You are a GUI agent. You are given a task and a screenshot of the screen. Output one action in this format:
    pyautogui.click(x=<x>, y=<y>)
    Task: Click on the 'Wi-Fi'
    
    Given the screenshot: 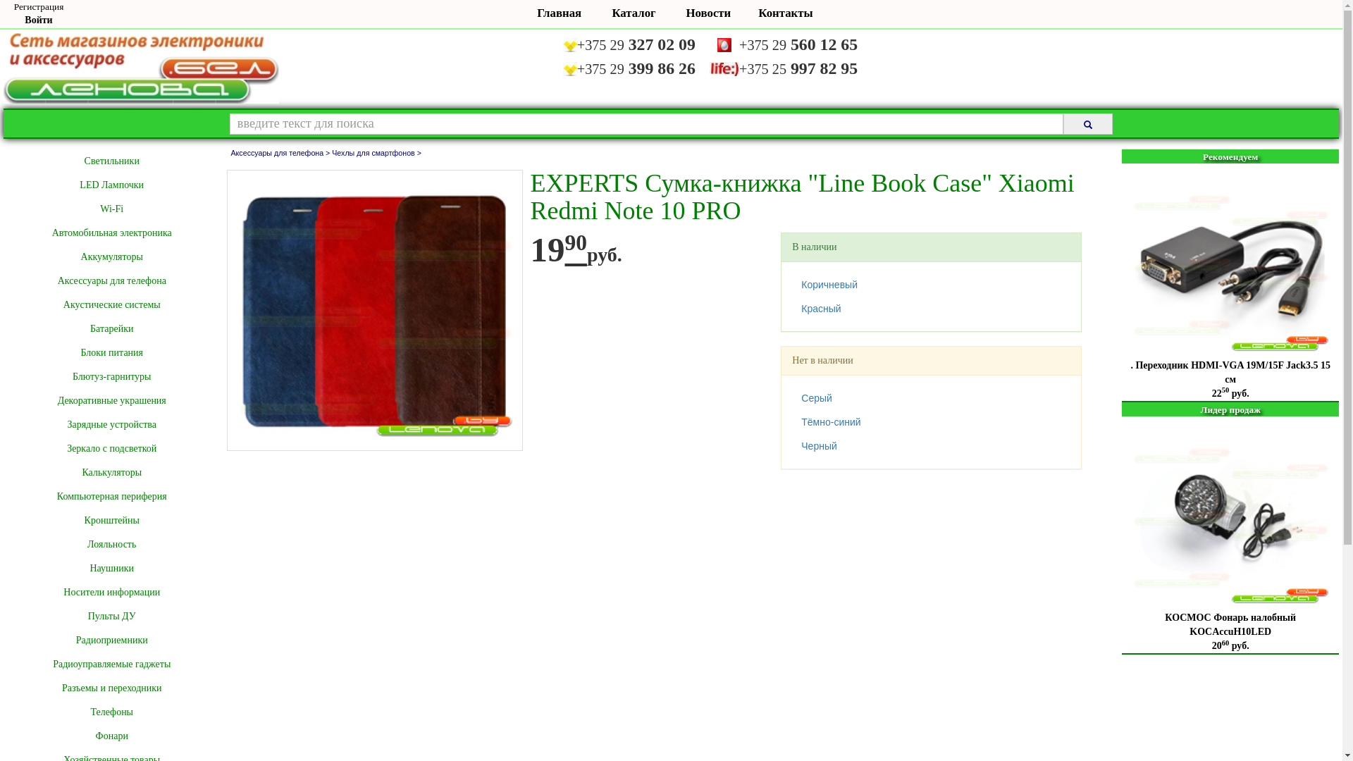 What is the action you would take?
    pyautogui.click(x=111, y=209)
    